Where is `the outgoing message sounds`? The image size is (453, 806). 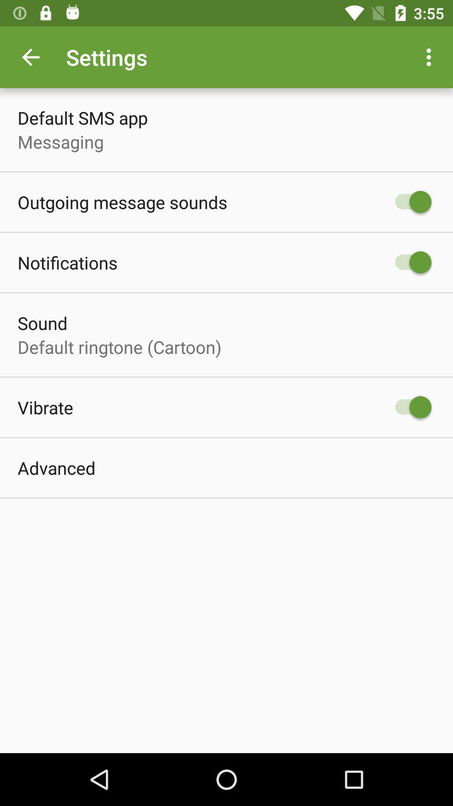
the outgoing message sounds is located at coordinates (122, 202).